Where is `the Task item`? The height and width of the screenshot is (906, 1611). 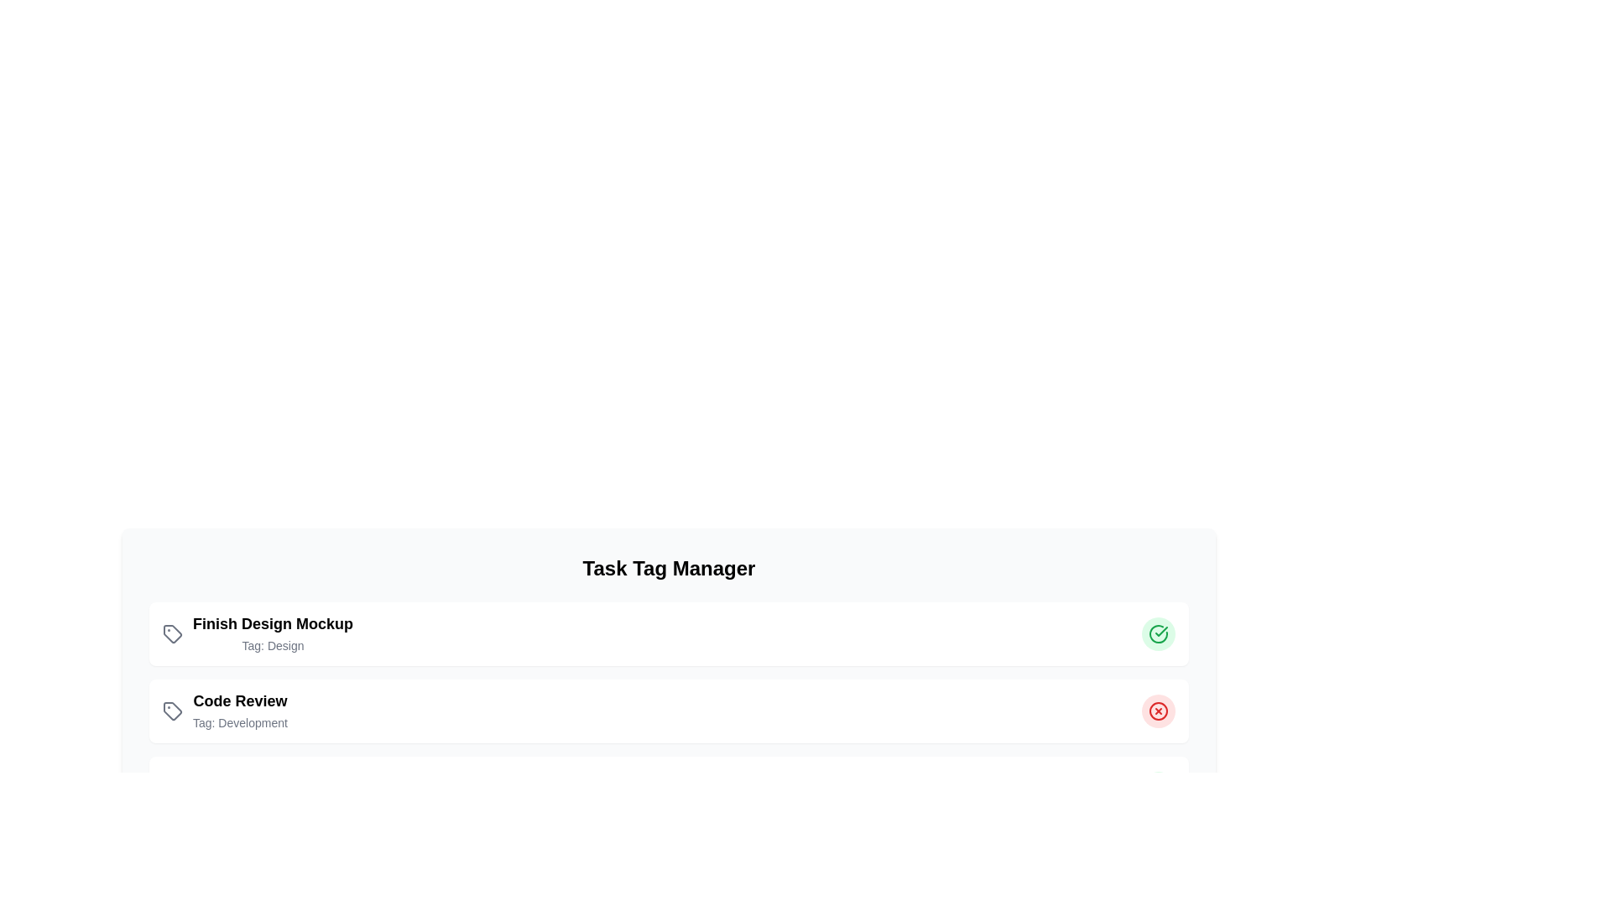 the Task item is located at coordinates (224, 711).